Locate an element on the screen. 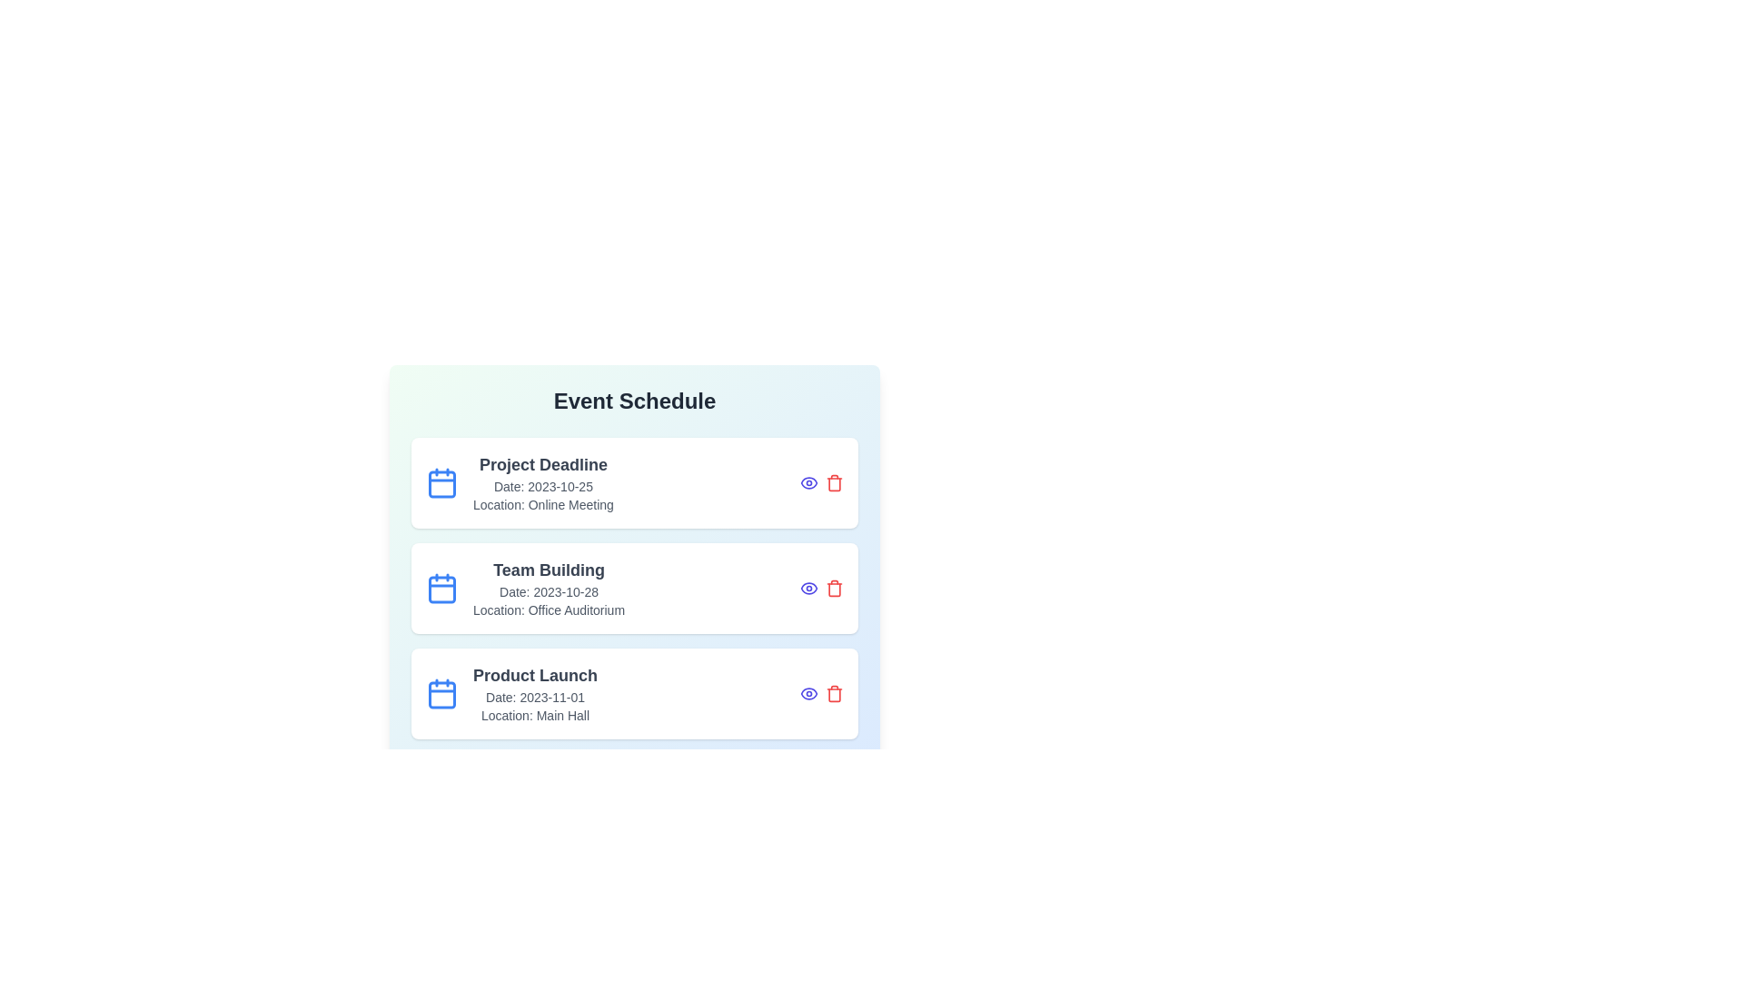 This screenshot has height=981, width=1744. 'View' button for the event with ID 1 is located at coordinates (808, 482).